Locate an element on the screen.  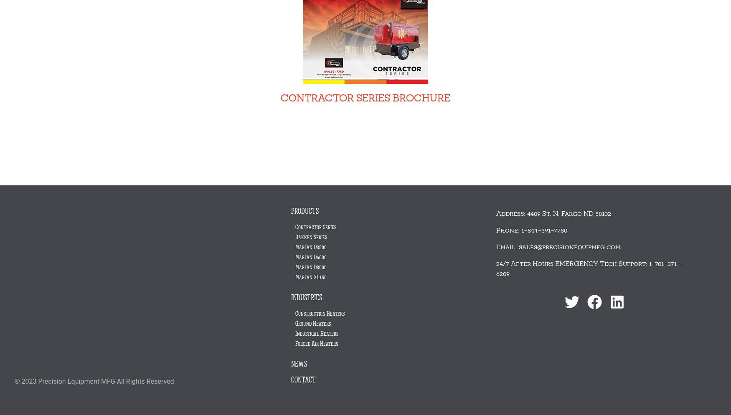
'Contractor Series' is located at coordinates (315, 226).